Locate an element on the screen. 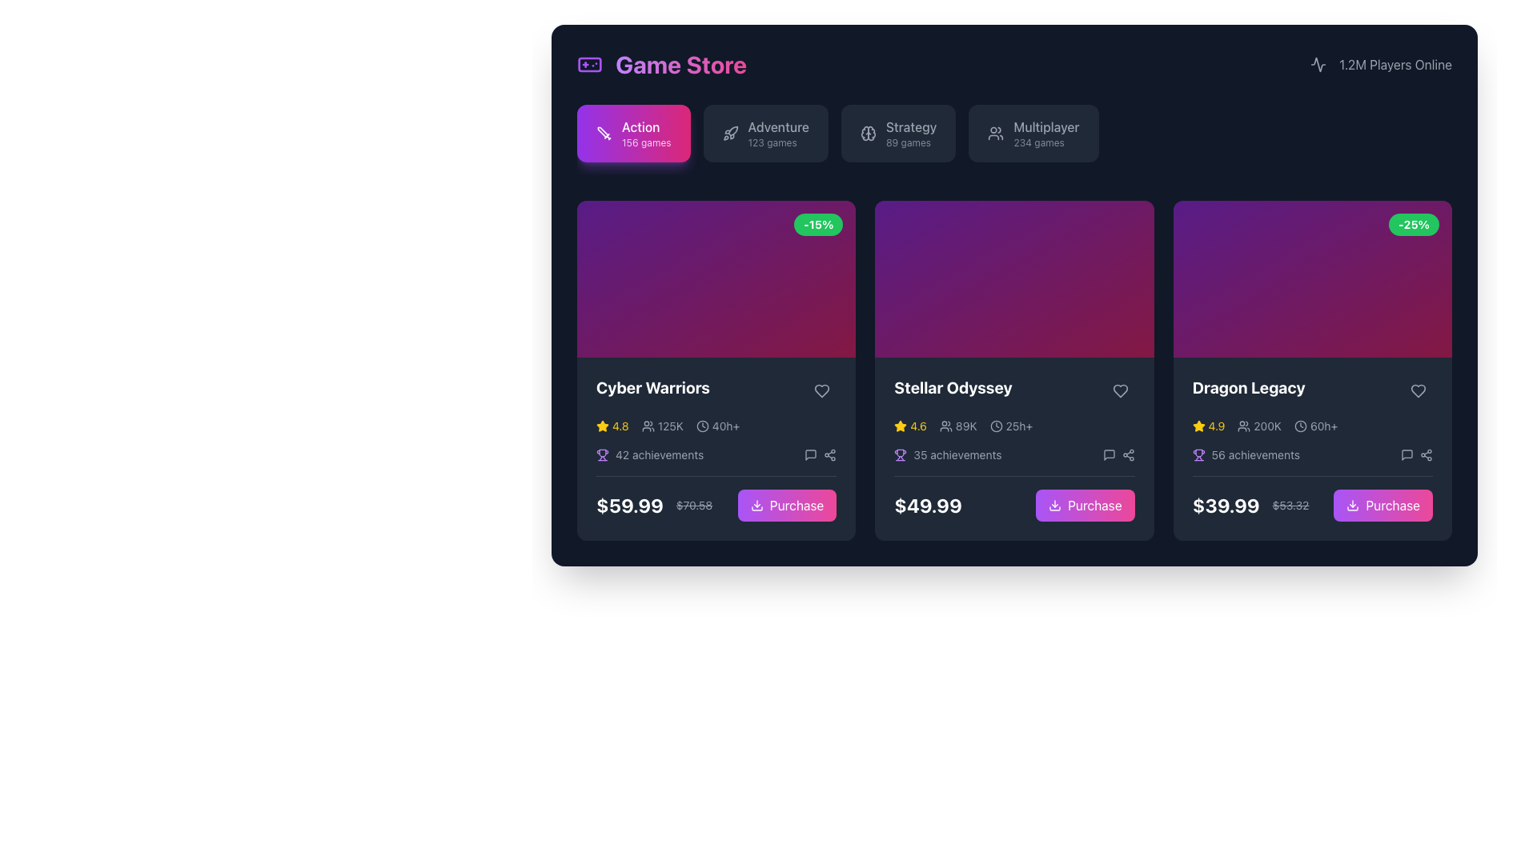  the text label displaying '56 achievements' in gray color, which is located adjacent to the purple trophy icon in the 'Dragon Legacy' game card is located at coordinates (1254, 454).